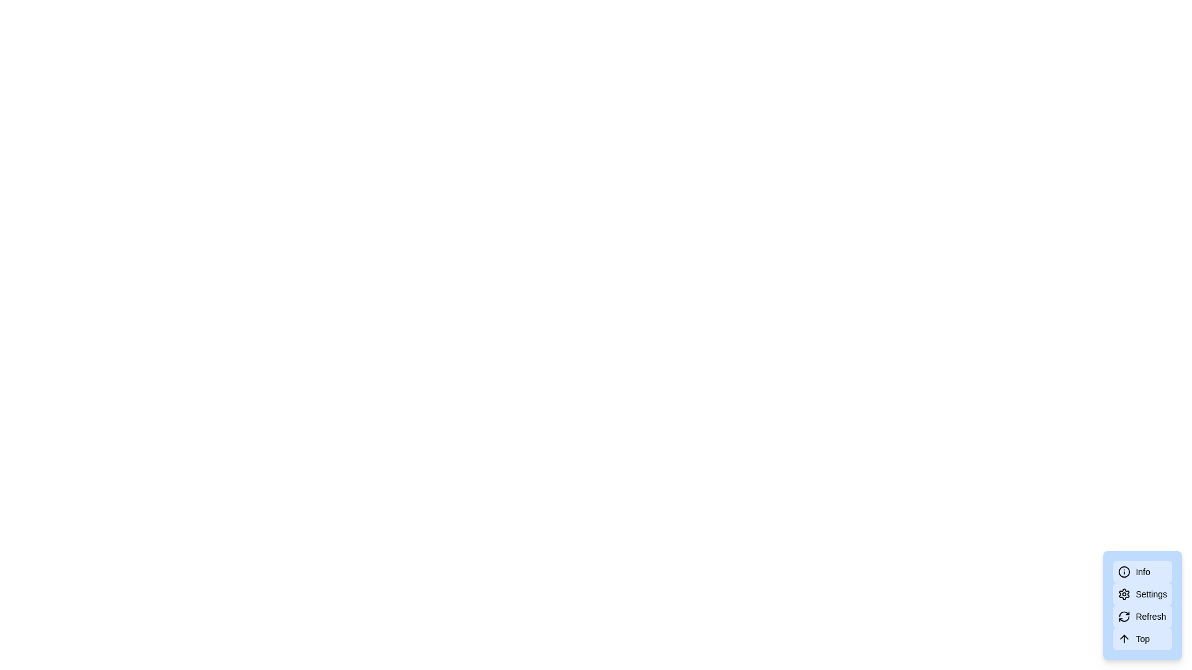 Image resolution: width=1192 pixels, height=670 pixels. I want to click on the cogwheel icon in the 'Settings' button, so click(1124, 593).